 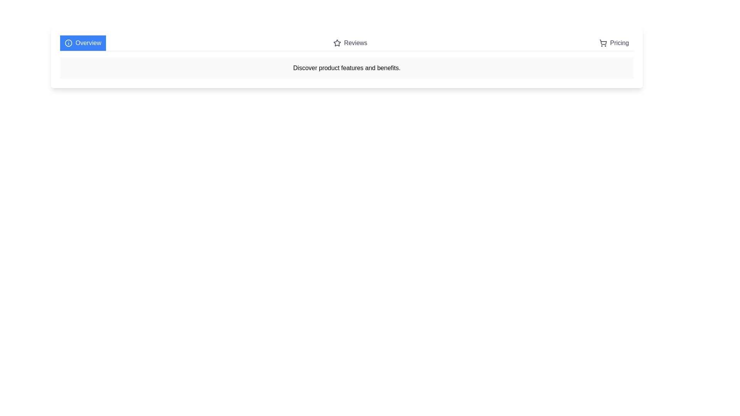 I want to click on the Reviews tab by clicking on its button, so click(x=350, y=43).